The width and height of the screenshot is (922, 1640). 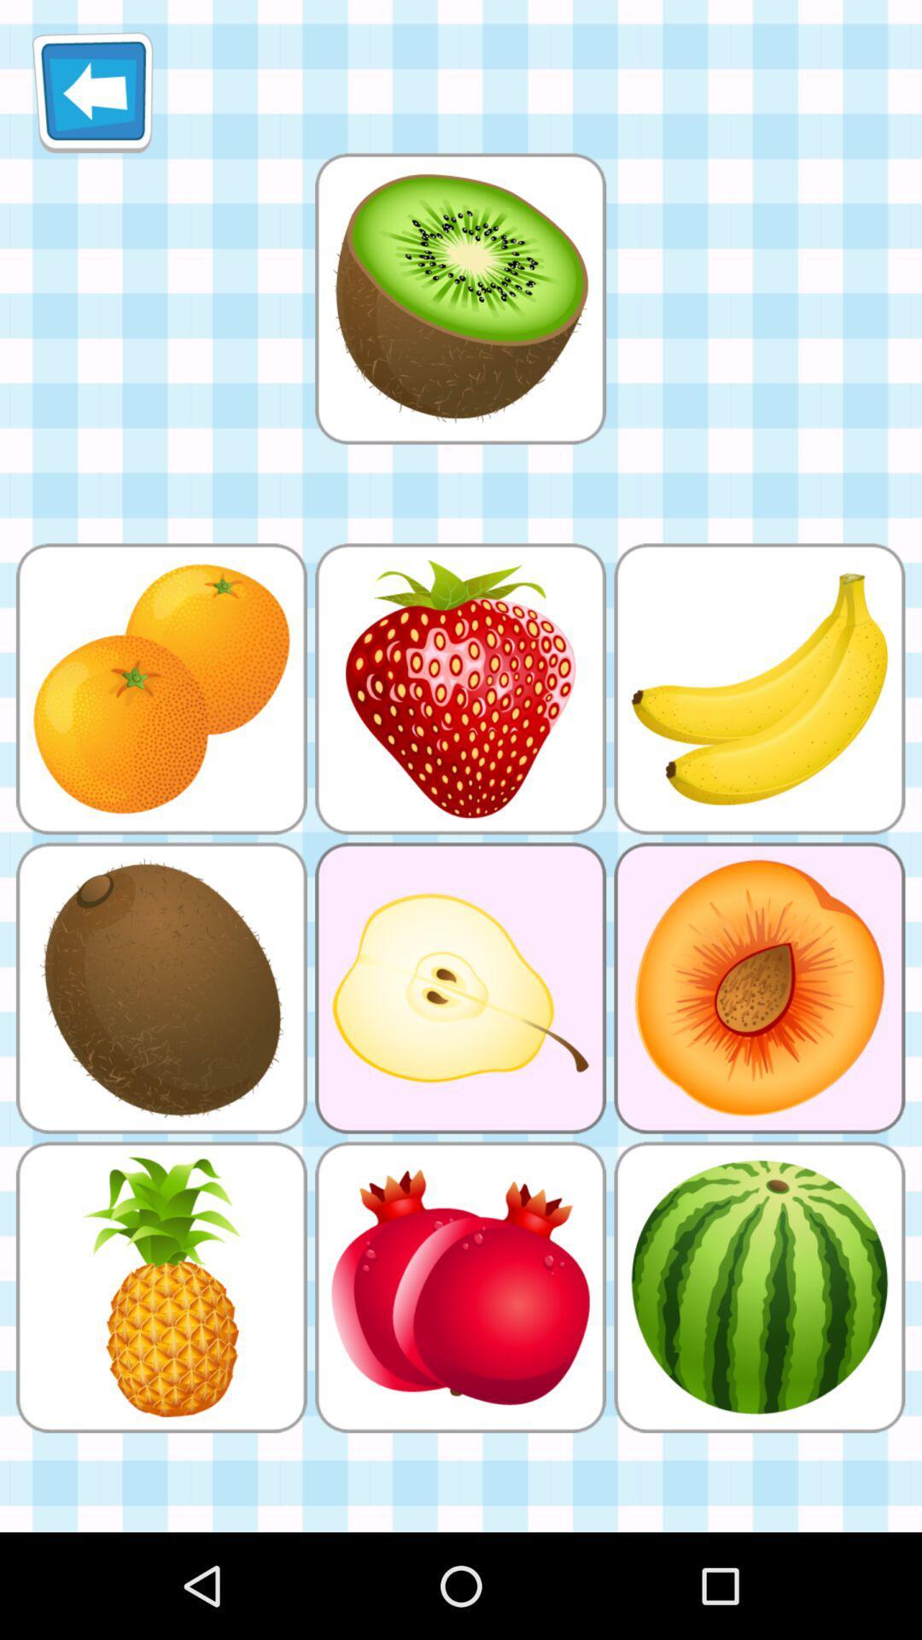 What do you see at coordinates (459, 298) in the screenshot?
I see `kiwi fruit` at bounding box center [459, 298].